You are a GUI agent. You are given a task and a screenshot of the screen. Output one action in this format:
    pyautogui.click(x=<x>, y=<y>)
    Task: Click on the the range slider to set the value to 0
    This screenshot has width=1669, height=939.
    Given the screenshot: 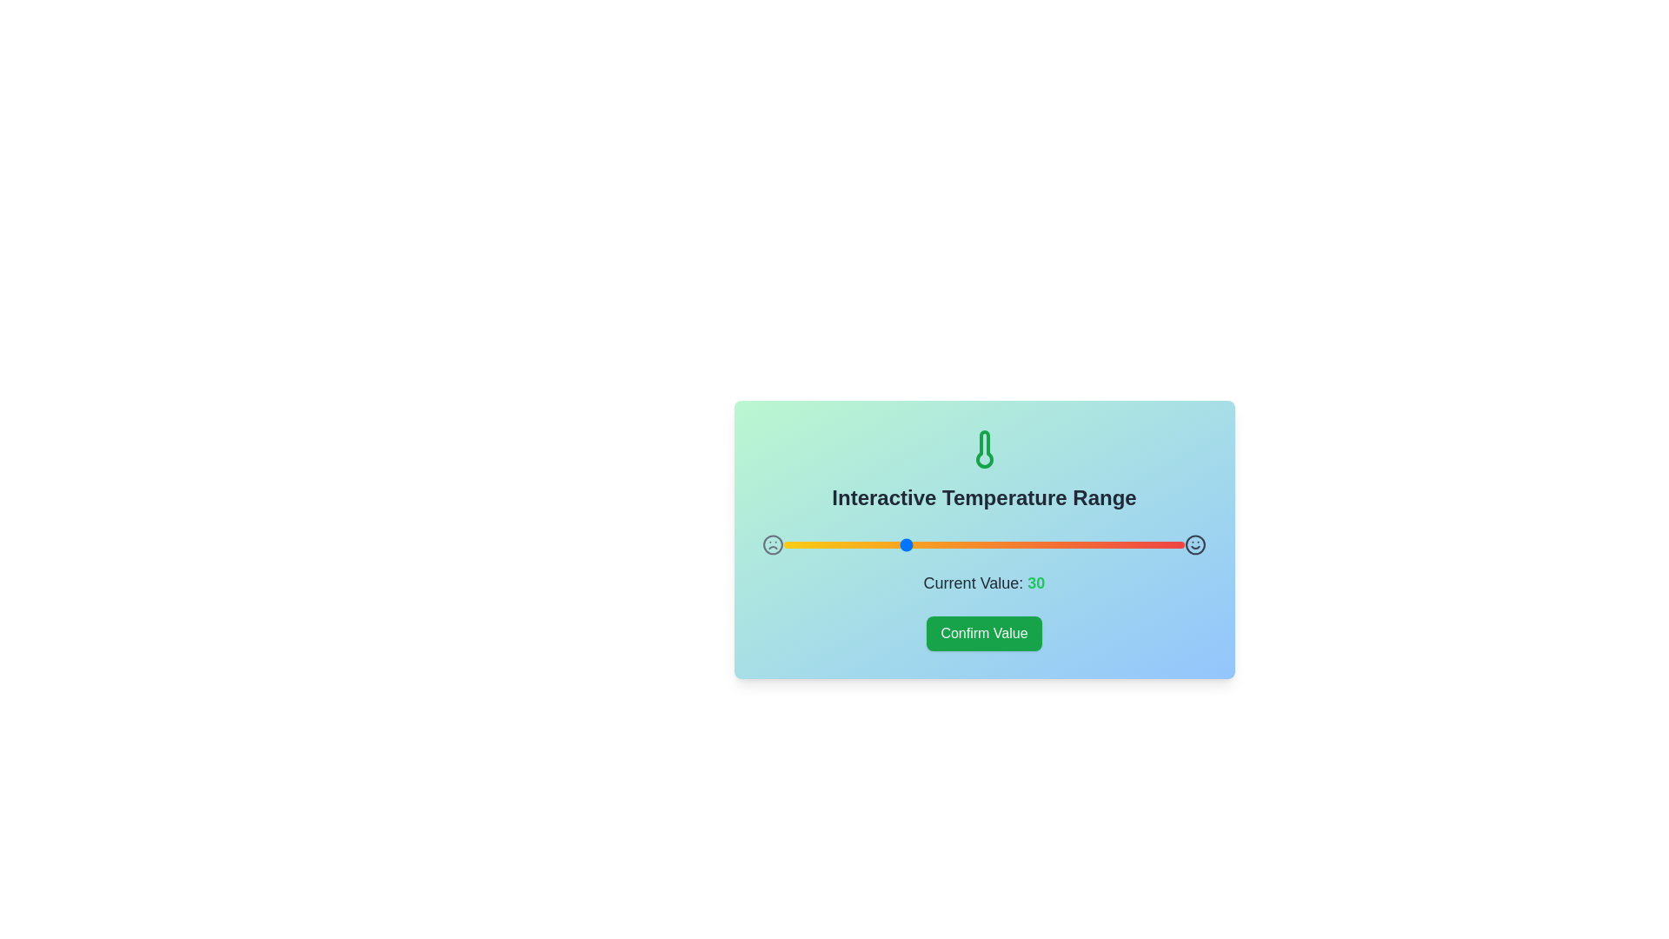 What is the action you would take?
    pyautogui.click(x=782, y=544)
    